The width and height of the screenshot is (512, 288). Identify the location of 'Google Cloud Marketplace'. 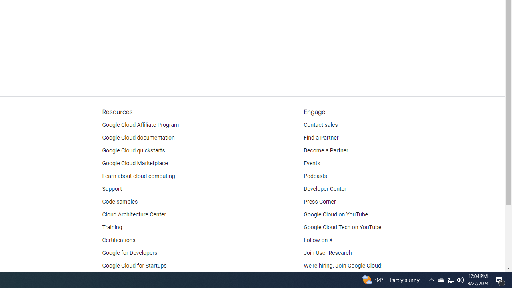
(135, 163).